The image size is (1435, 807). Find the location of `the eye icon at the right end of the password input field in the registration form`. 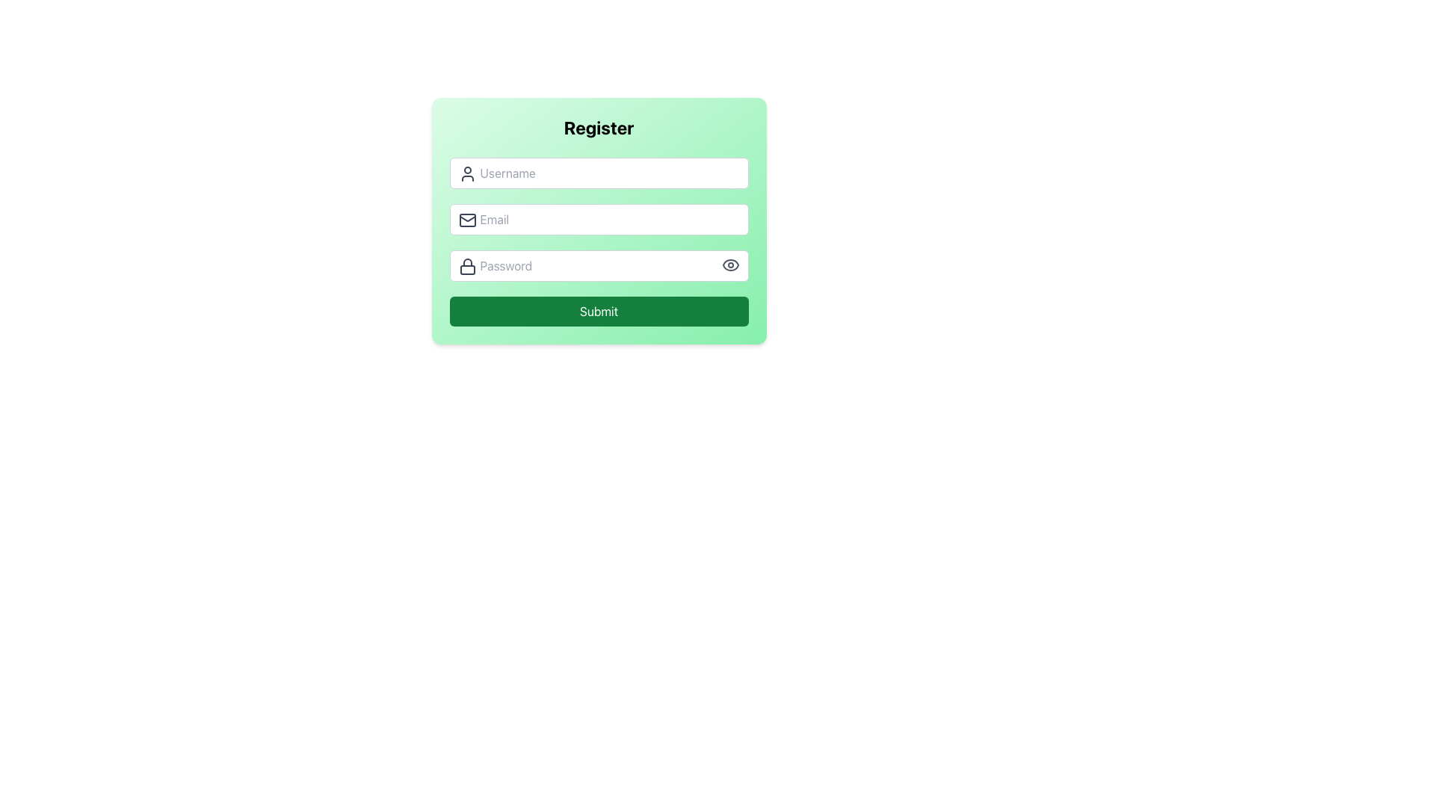

the eye icon at the right end of the password input field in the registration form is located at coordinates (730, 264).